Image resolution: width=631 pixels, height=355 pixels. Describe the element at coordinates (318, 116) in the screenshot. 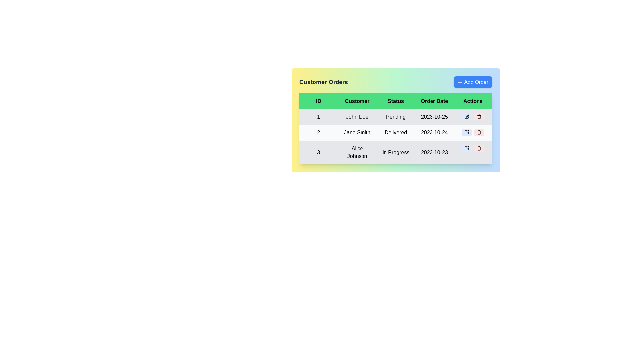

I see `the number '1' displayed in the first cell of the table under the 'ID' column, which has a gray background and black text color` at that location.